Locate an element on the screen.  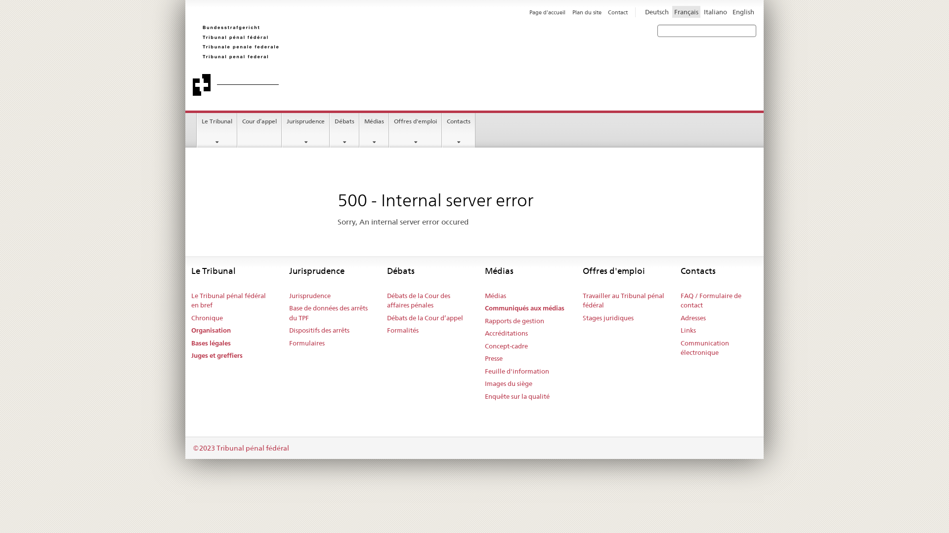
'FAQ / Formulaire de contact' is located at coordinates (722, 300).